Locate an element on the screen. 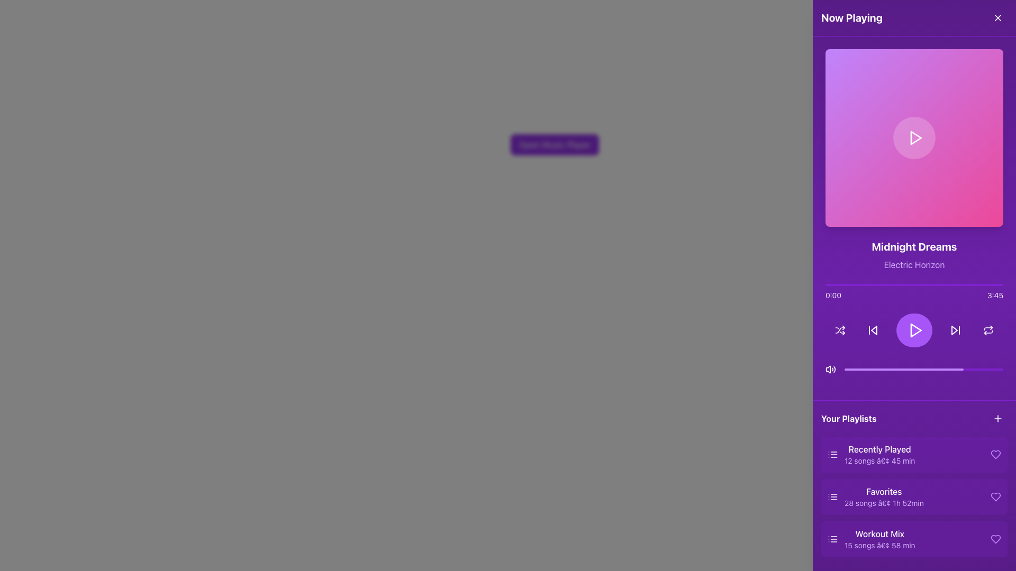  media playback progress is located at coordinates (937, 369).